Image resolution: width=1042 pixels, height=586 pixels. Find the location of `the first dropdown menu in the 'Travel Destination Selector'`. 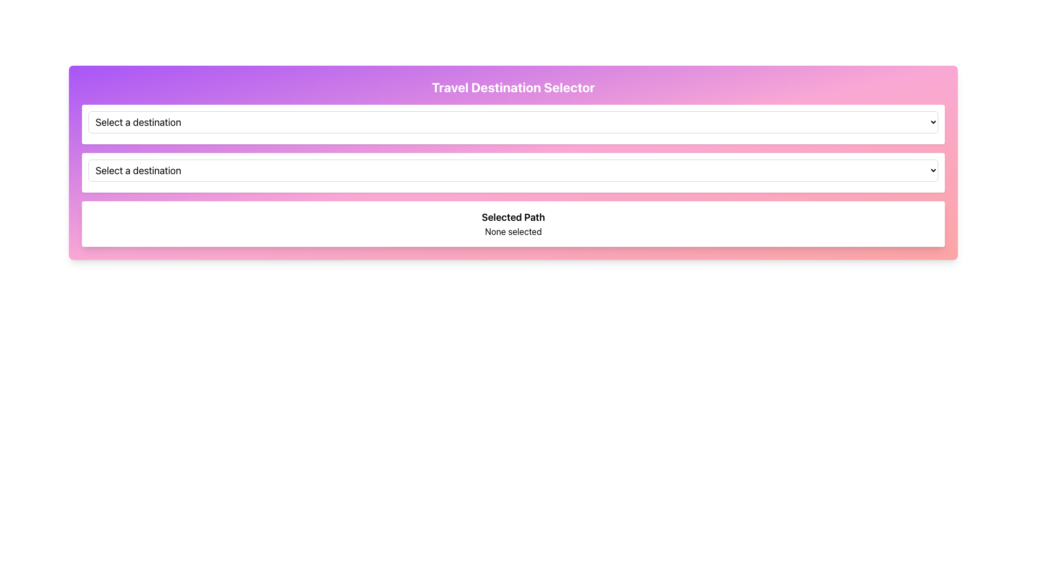

the first dropdown menu in the 'Travel Destination Selector' is located at coordinates (512, 124).